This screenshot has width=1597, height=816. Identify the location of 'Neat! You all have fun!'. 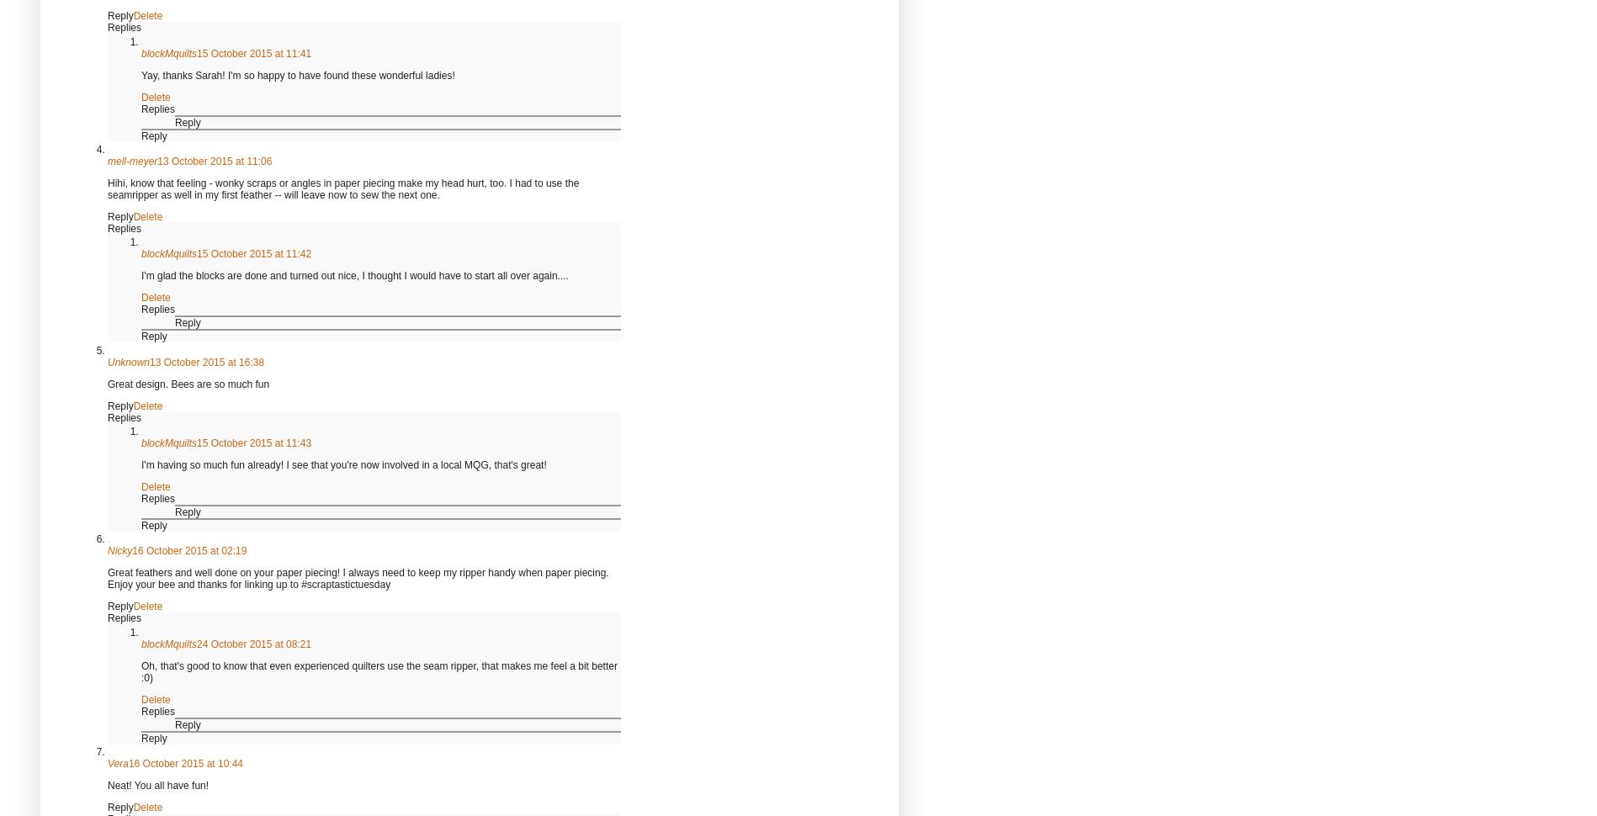
(157, 785).